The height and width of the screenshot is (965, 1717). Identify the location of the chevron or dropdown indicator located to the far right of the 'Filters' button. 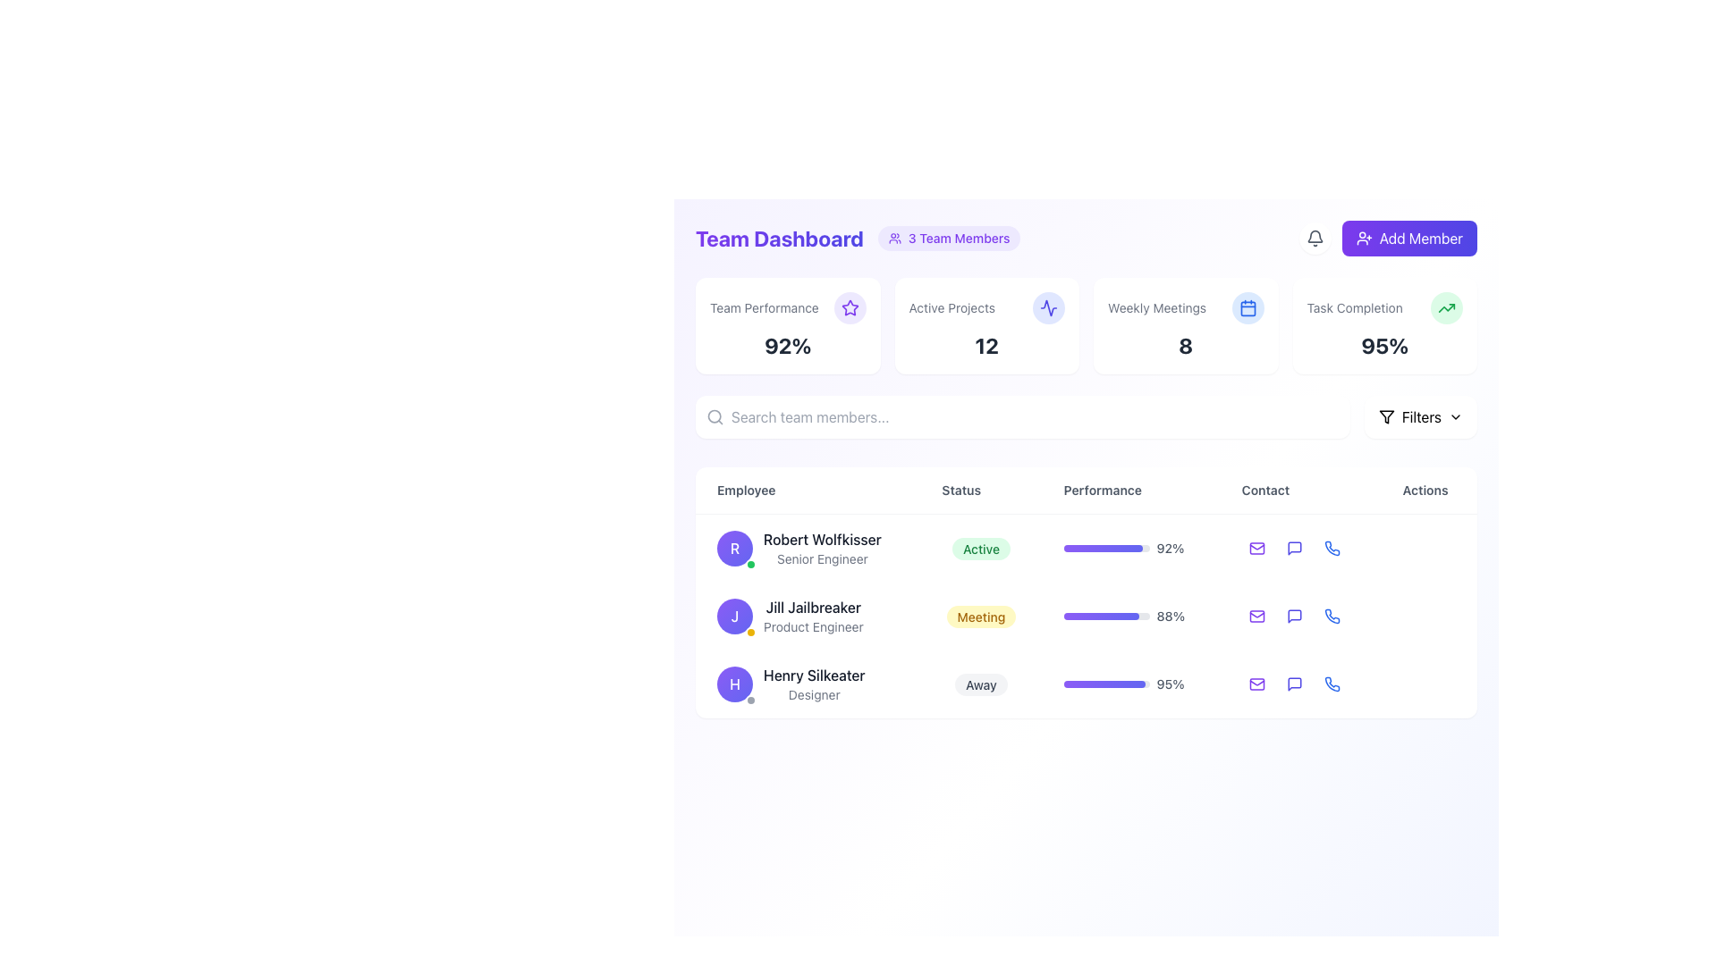
(1455, 416).